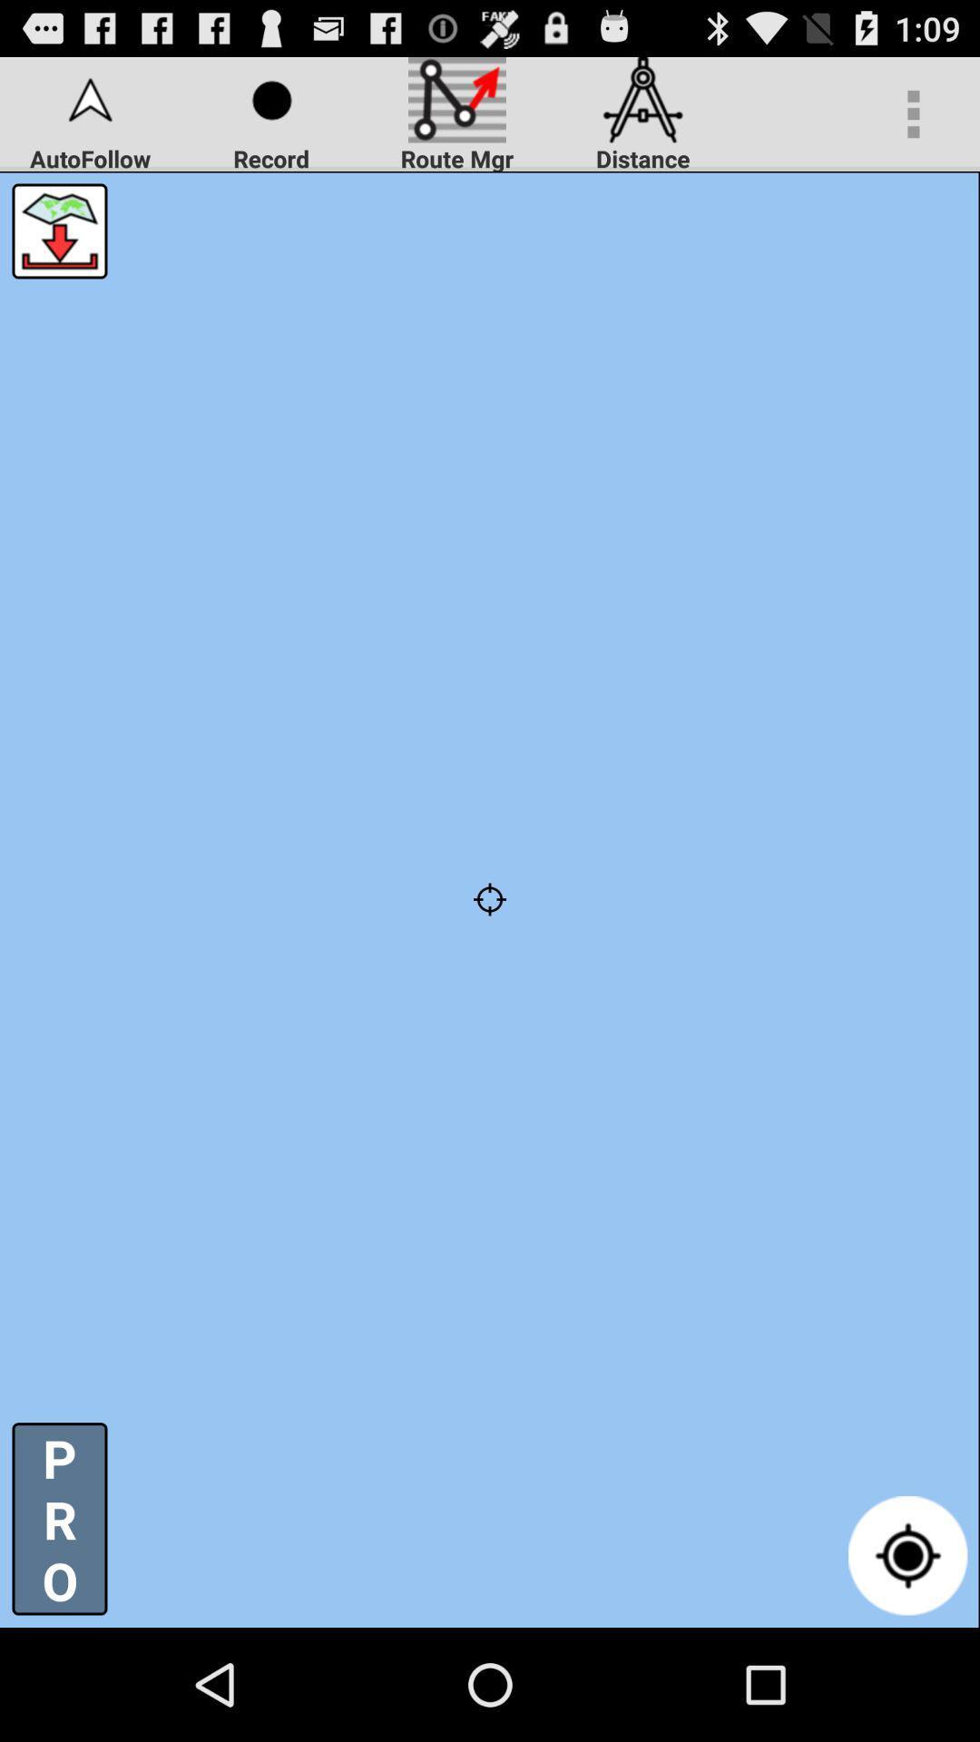 This screenshot has width=980, height=1742. Describe the element at coordinates (907, 1554) in the screenshot. I see `item at the bottom right corner` at that location.